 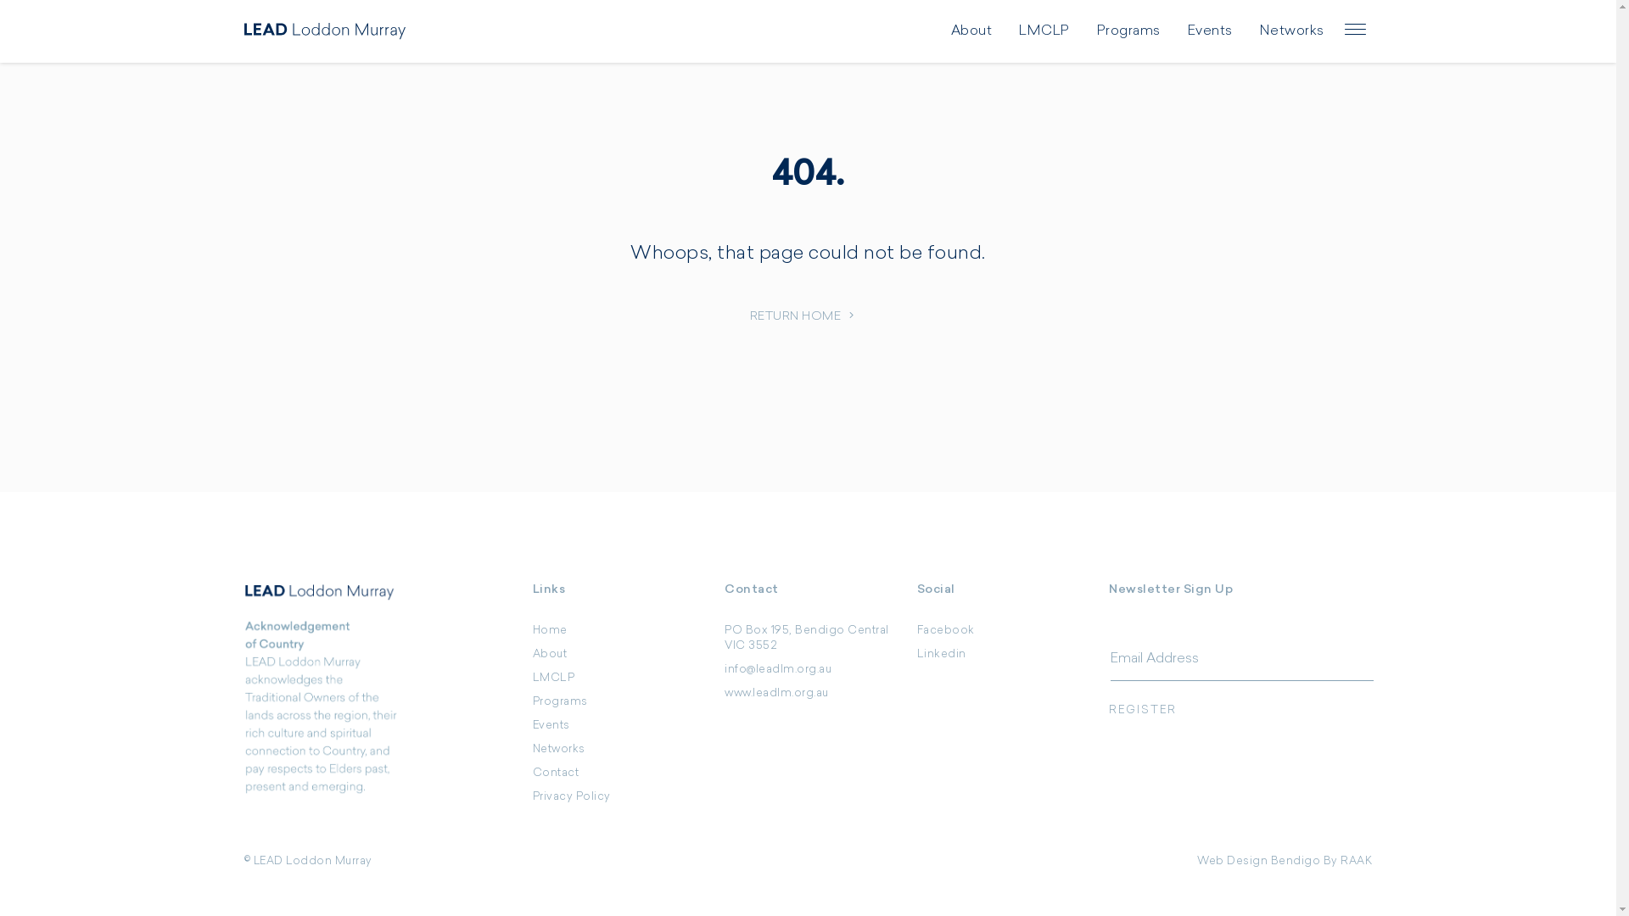 I want to click on 'Register', so click(x=1240, y=710).